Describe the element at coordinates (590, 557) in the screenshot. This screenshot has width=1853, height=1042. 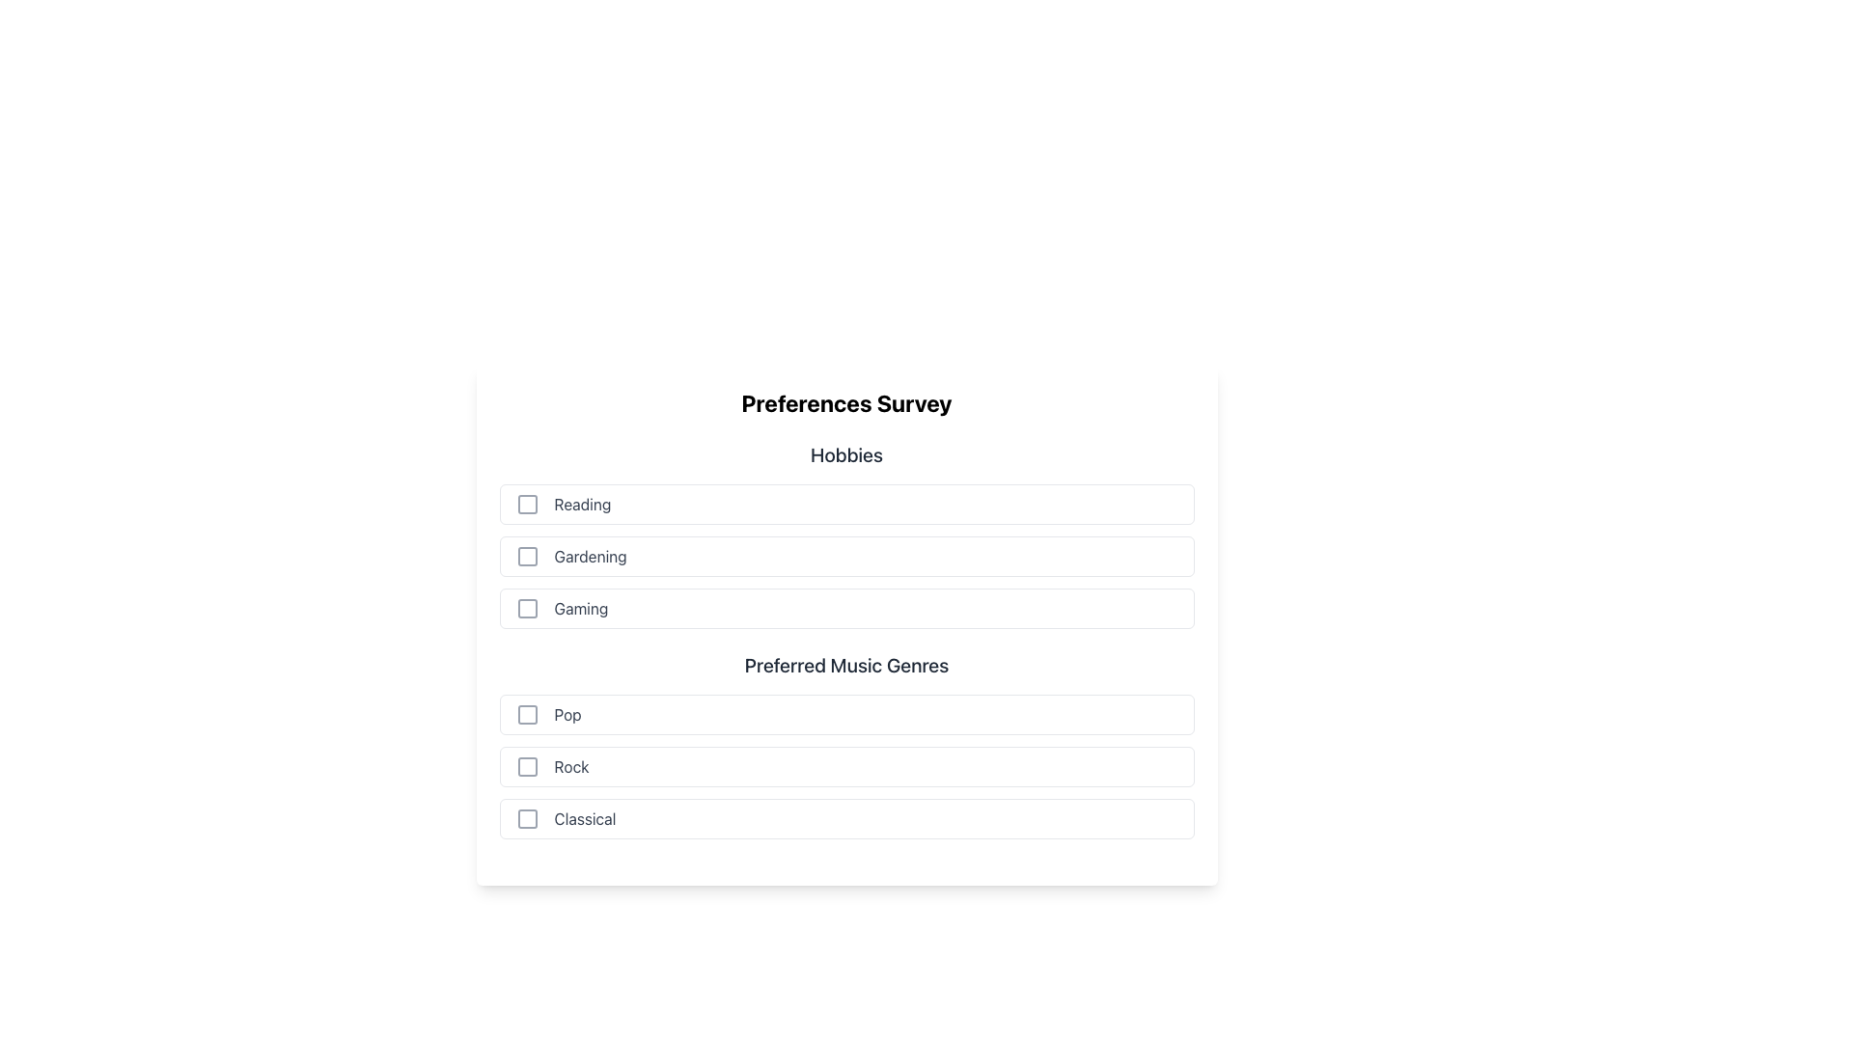
I see `the 'Gardening' hobby choice text label, which is located in the second row under 'Hobbies' and aligned with similar options` at that location.